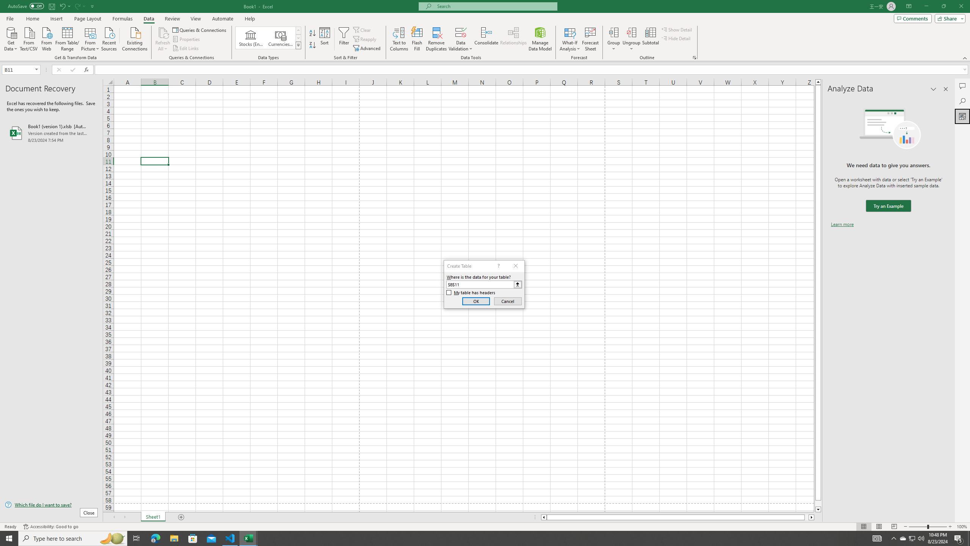 Image resolution: width=970 pixels, height=546 pixels. I want to click on 'Flash Fill', so click(417, 39).